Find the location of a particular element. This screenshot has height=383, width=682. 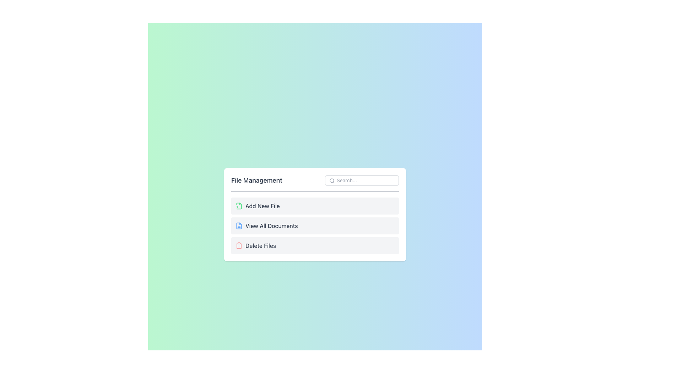

the blue file icon representing a document, located in the 'View All Documents' section, which is the second item in a vertical list of three options is located at coordinates (239, 226).